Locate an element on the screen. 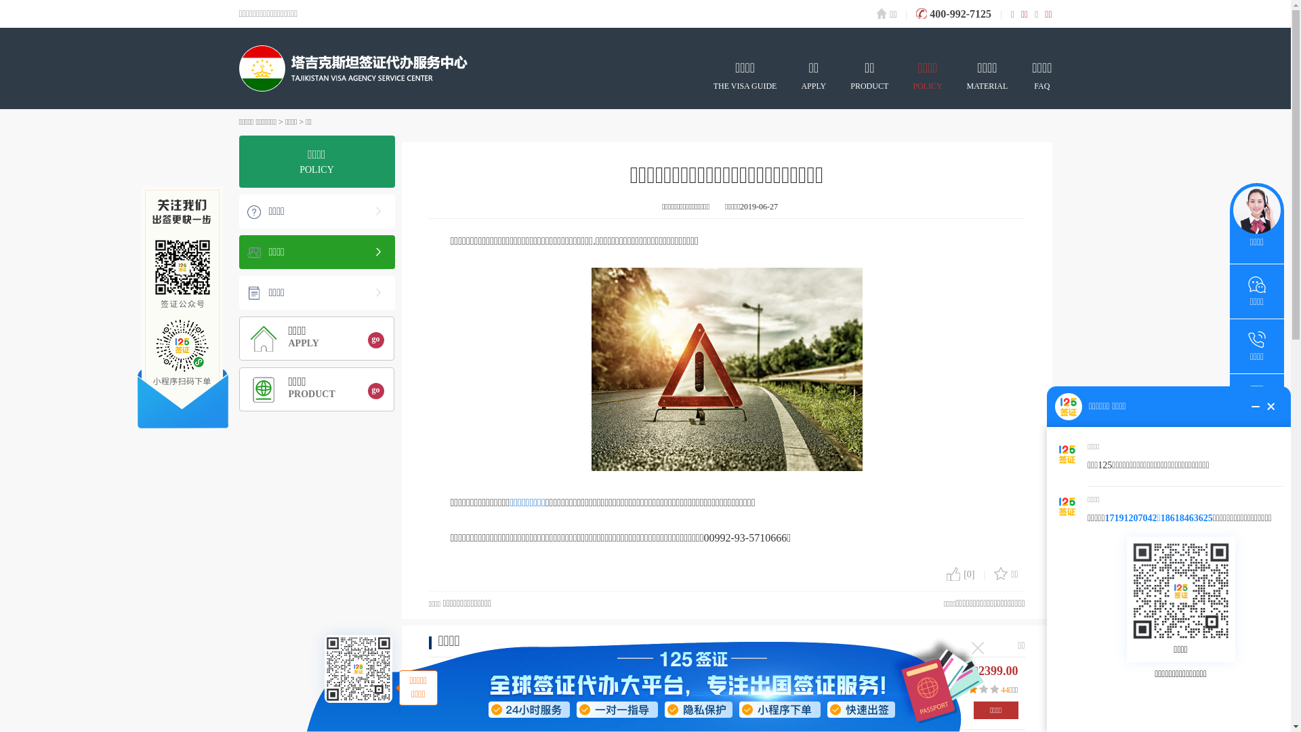  '[0]' is located at coordinates (959, 574).